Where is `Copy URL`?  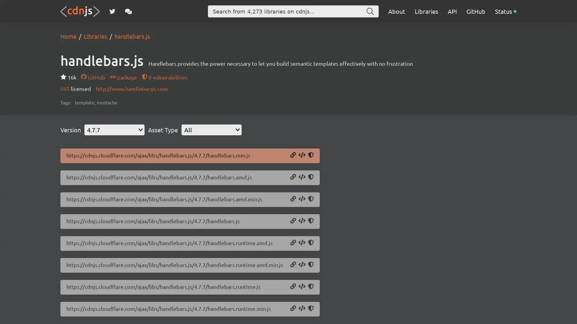 Copy URL is located at coordinates (293, 243).